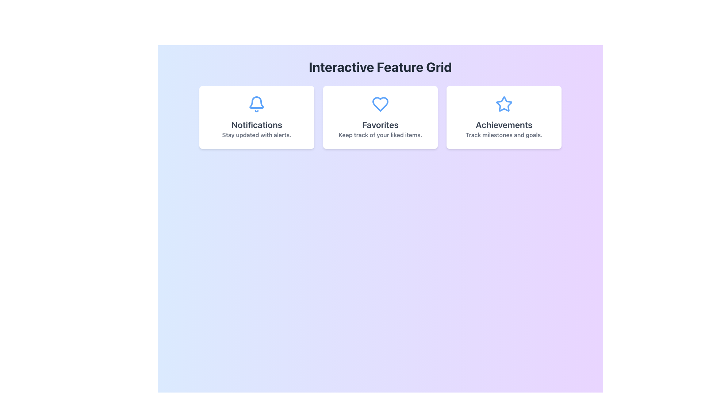 The image size is (701, 394). I want to click on the text element that reads 'Stay updated with alerts.', which is styled in subdued gray and located directly below the 'Notifications' heading, so click(257, 135).